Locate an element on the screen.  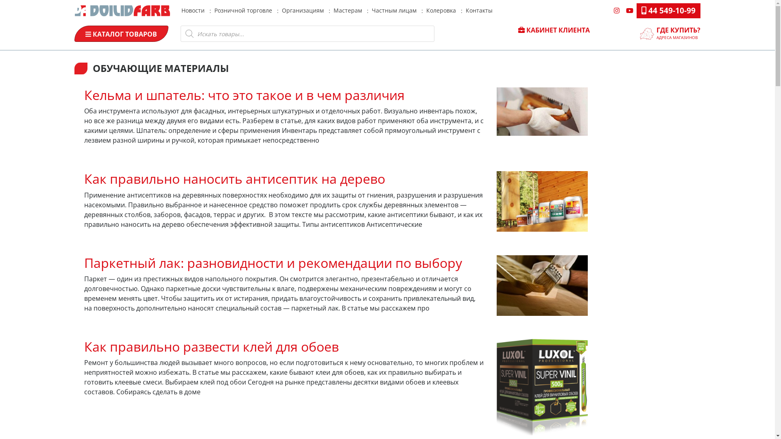
'44 549-10-99' is located at coordinates (668, 11).